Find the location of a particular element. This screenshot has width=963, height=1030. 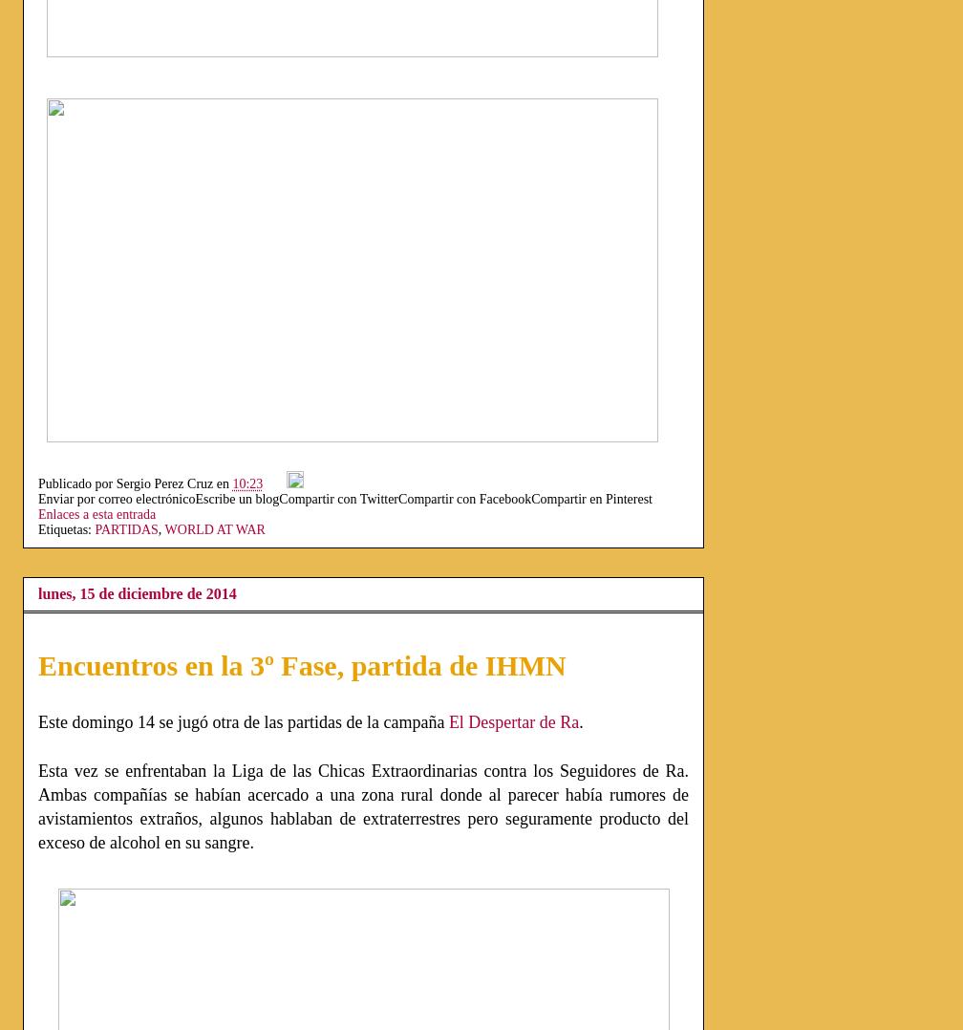

'.' is located at coordinates (581, 722).